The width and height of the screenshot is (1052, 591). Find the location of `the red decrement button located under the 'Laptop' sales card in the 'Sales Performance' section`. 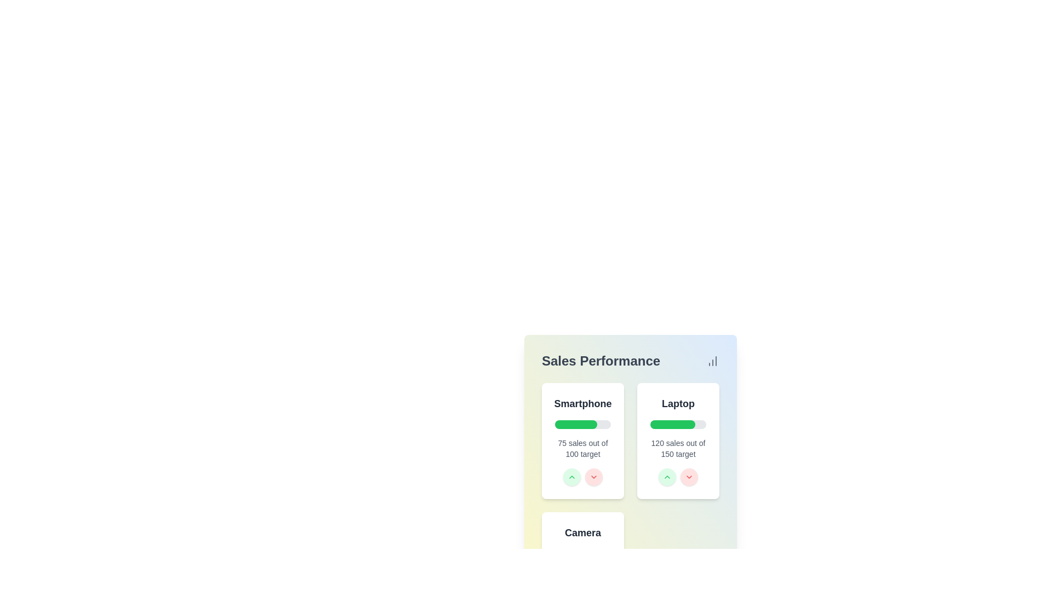

the red decrement button located under the 'Laptop' sales card in the 'Sales Performance' section is located at coordinates (688, 476).